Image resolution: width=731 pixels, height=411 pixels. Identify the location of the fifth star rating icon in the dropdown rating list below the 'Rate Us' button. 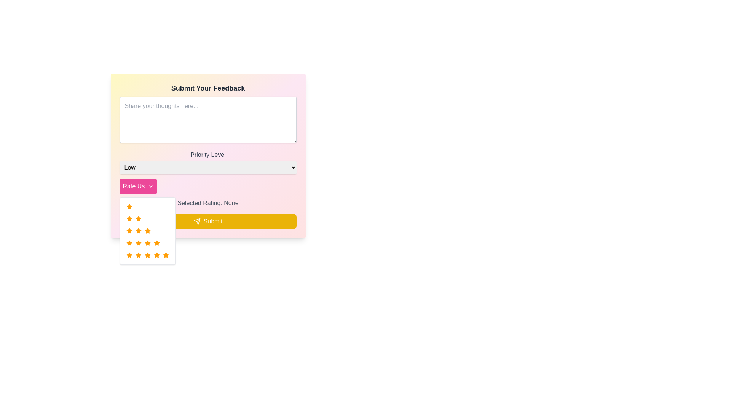
(156, 255).